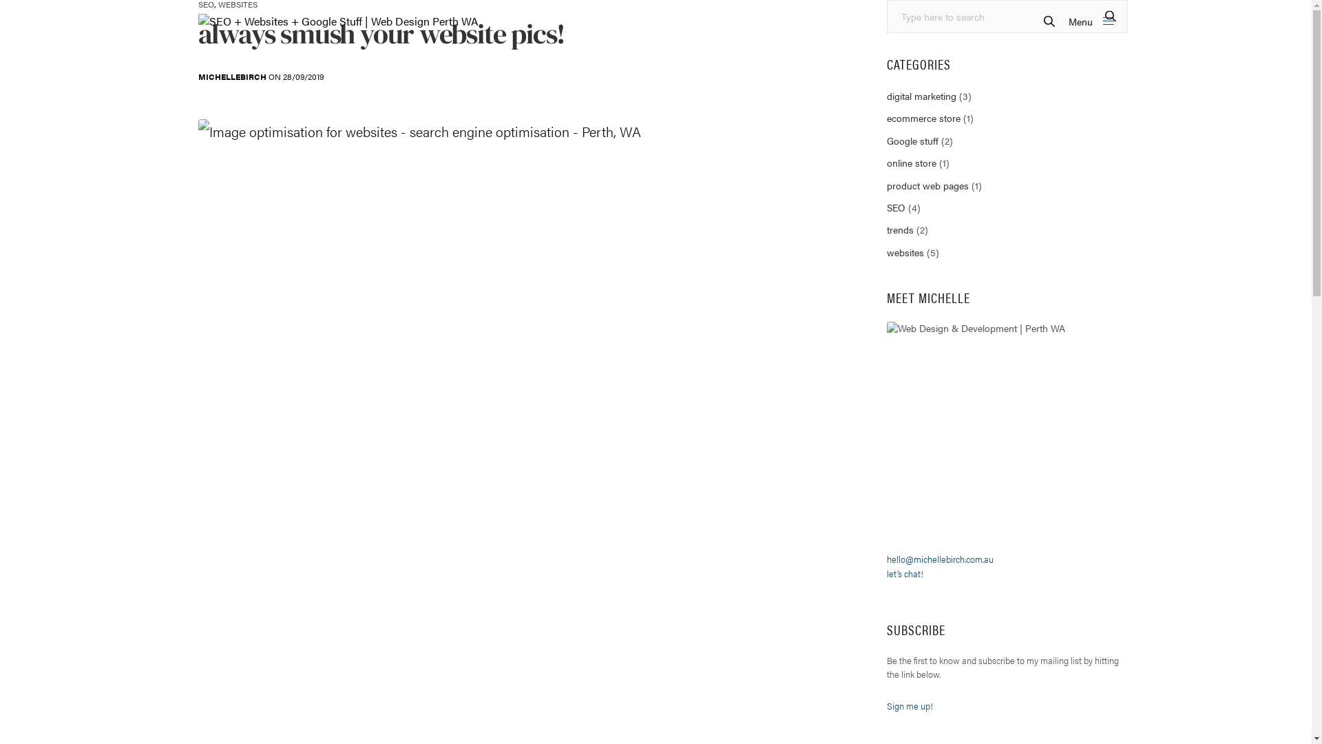  I want to click on 'product web pages', so click(927, 185).